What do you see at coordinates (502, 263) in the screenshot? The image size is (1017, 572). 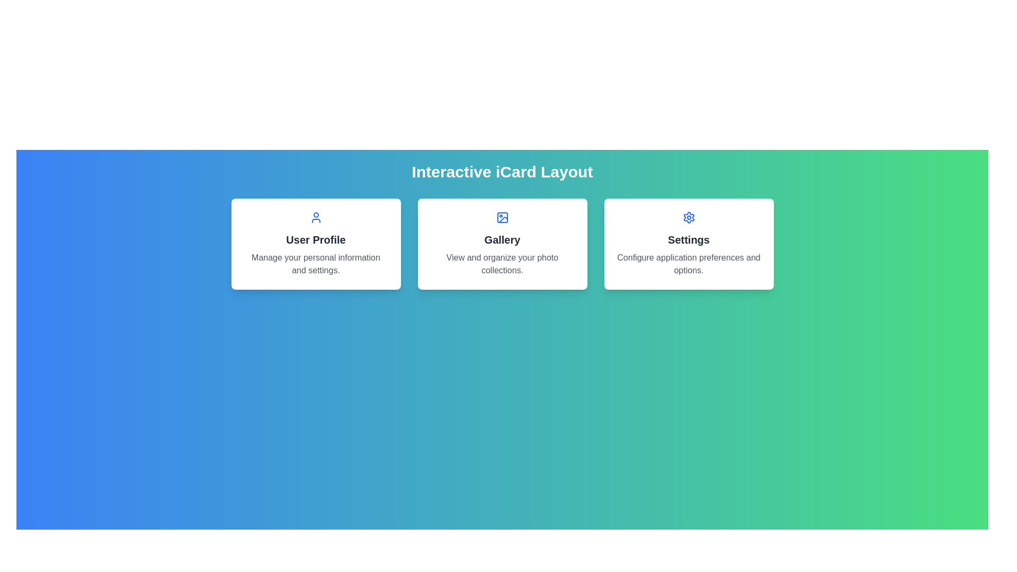 I see `the descriptive label located below the 'Gallery' heading in the 'Gallery' card, which provides information about the card's functionality` at bounding box center [502, 263].